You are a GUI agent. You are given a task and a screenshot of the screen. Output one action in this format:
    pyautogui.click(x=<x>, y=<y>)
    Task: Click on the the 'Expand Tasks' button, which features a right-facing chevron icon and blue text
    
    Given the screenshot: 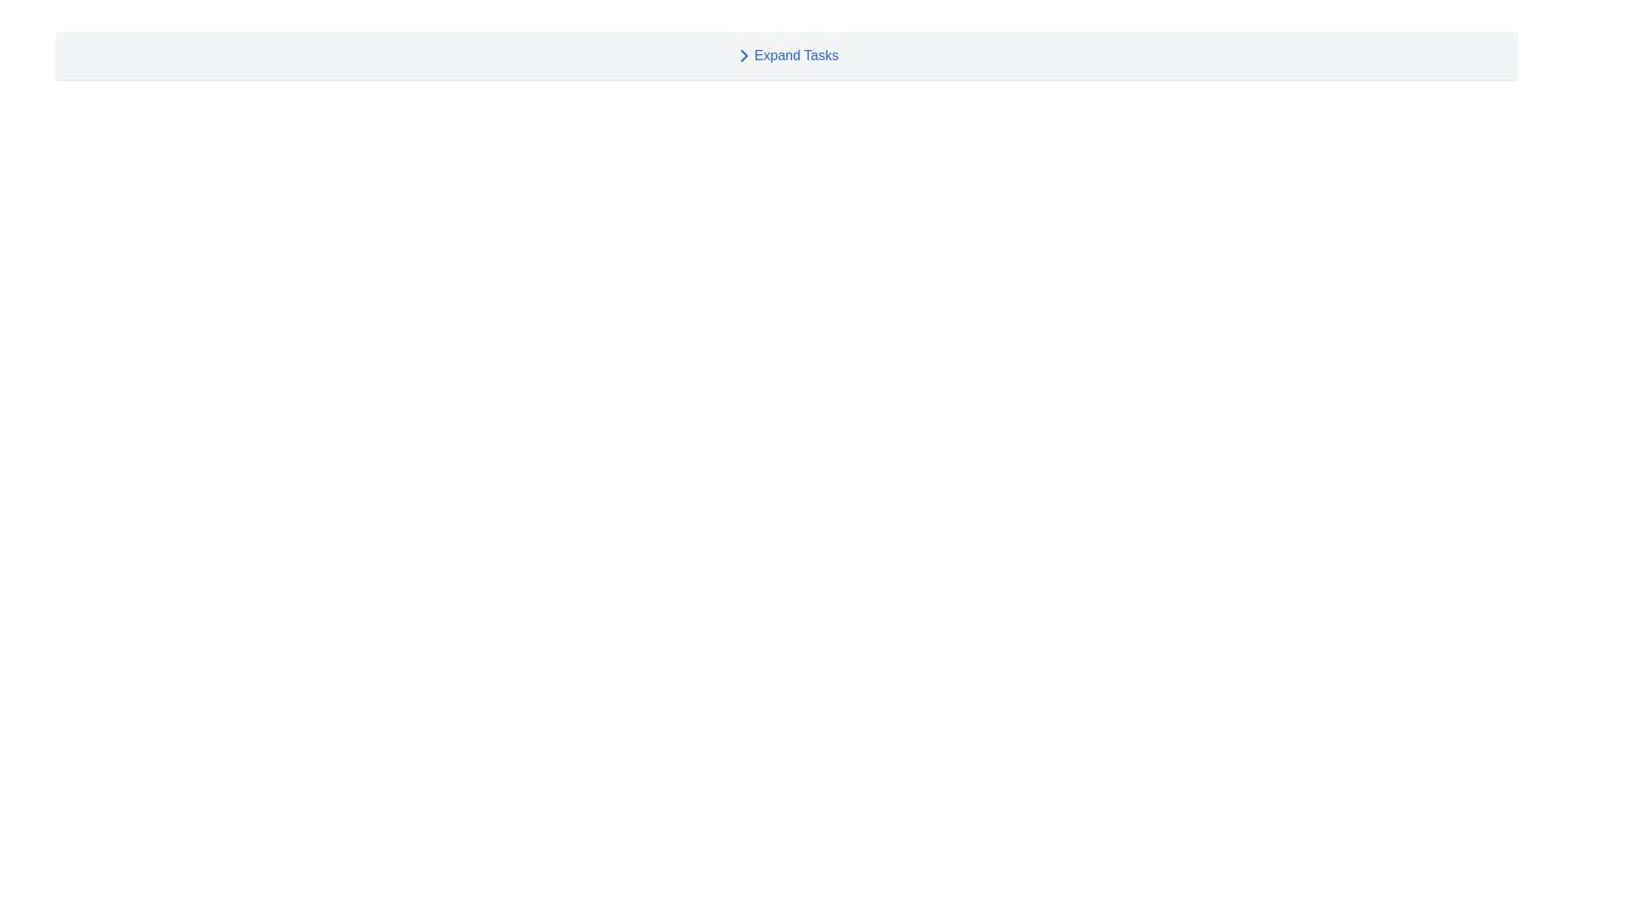 What is the action you would take?
    pyautogui.click(x=784, y=54)
    